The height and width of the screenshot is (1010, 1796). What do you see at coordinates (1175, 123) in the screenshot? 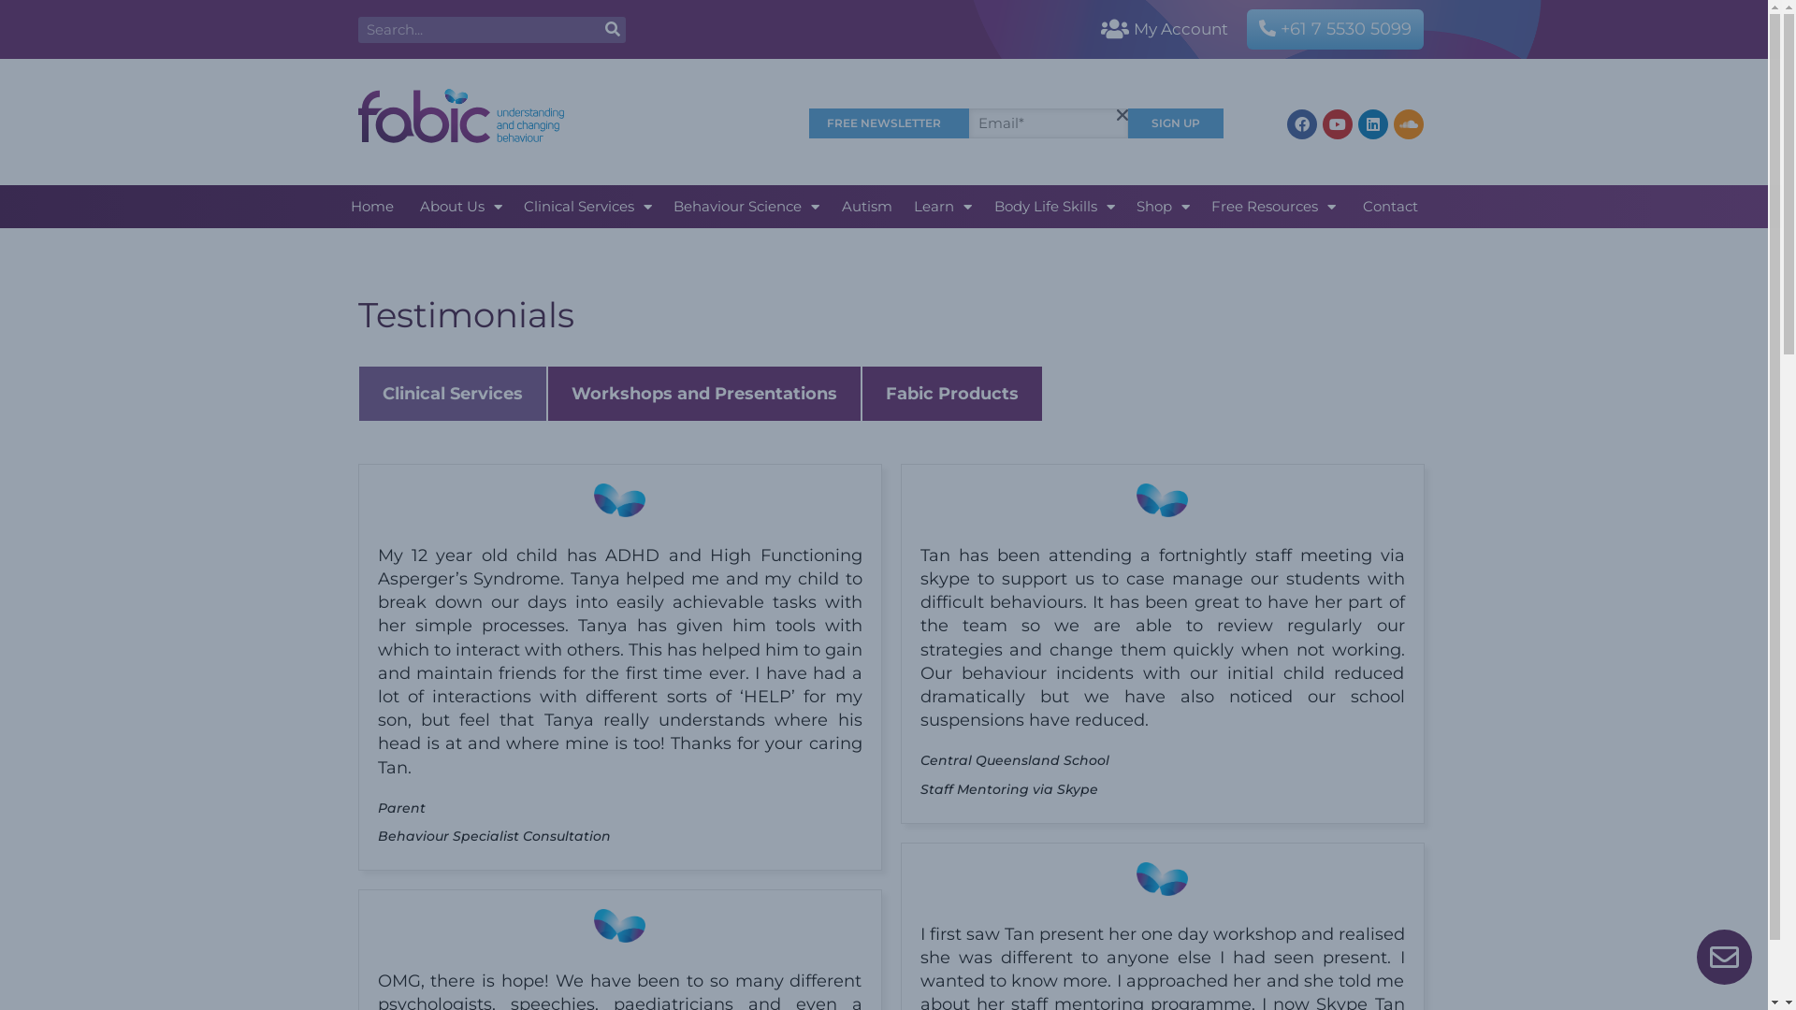
I see `'SIGN UP'` at bounding box center [1175, 123].